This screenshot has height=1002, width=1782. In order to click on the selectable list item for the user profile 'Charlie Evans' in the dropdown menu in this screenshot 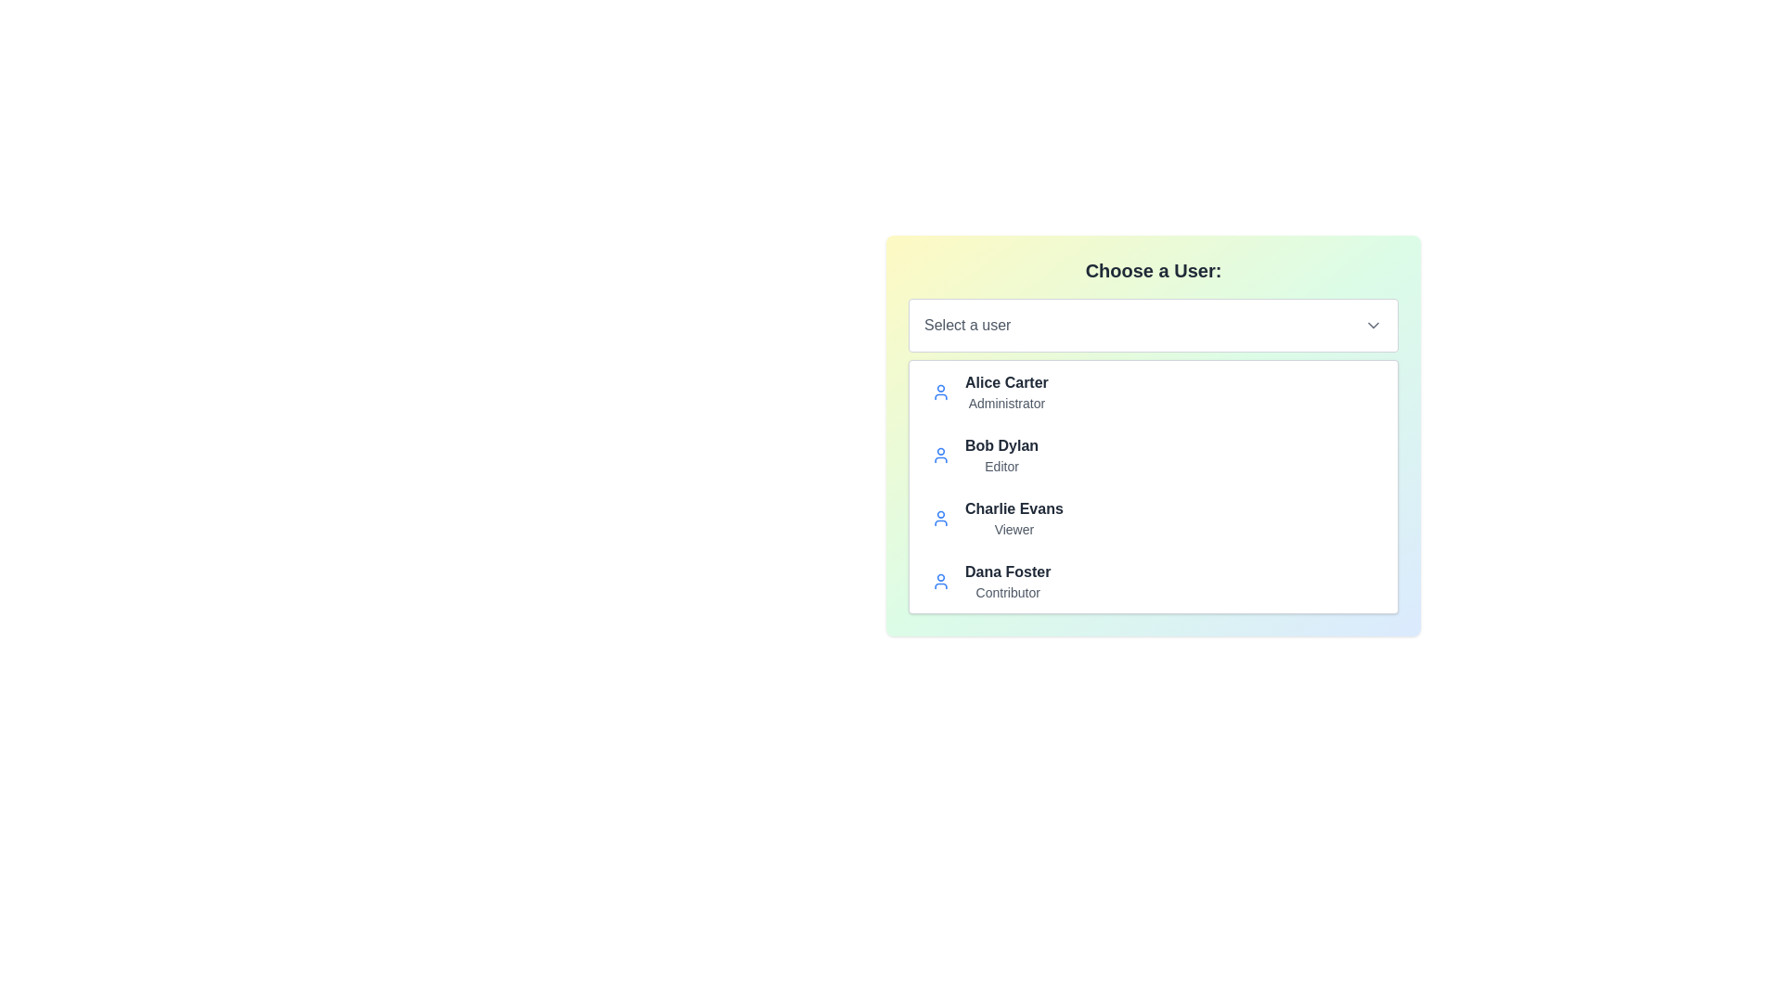, I will do `click(1153, 519)`.